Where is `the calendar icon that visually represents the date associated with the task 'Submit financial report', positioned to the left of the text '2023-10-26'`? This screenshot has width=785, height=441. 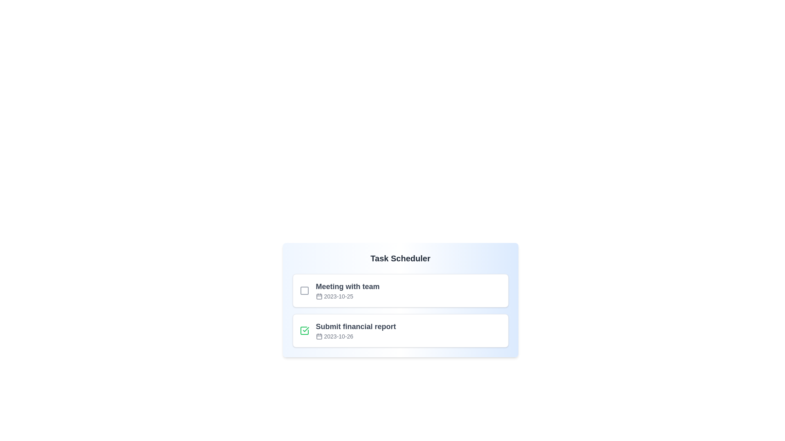
the calendar icon that visually represents the date associated with the task 'Submit financial report', positioned to the left of the text '2023-10-26' is located at coordinates (318, 336).